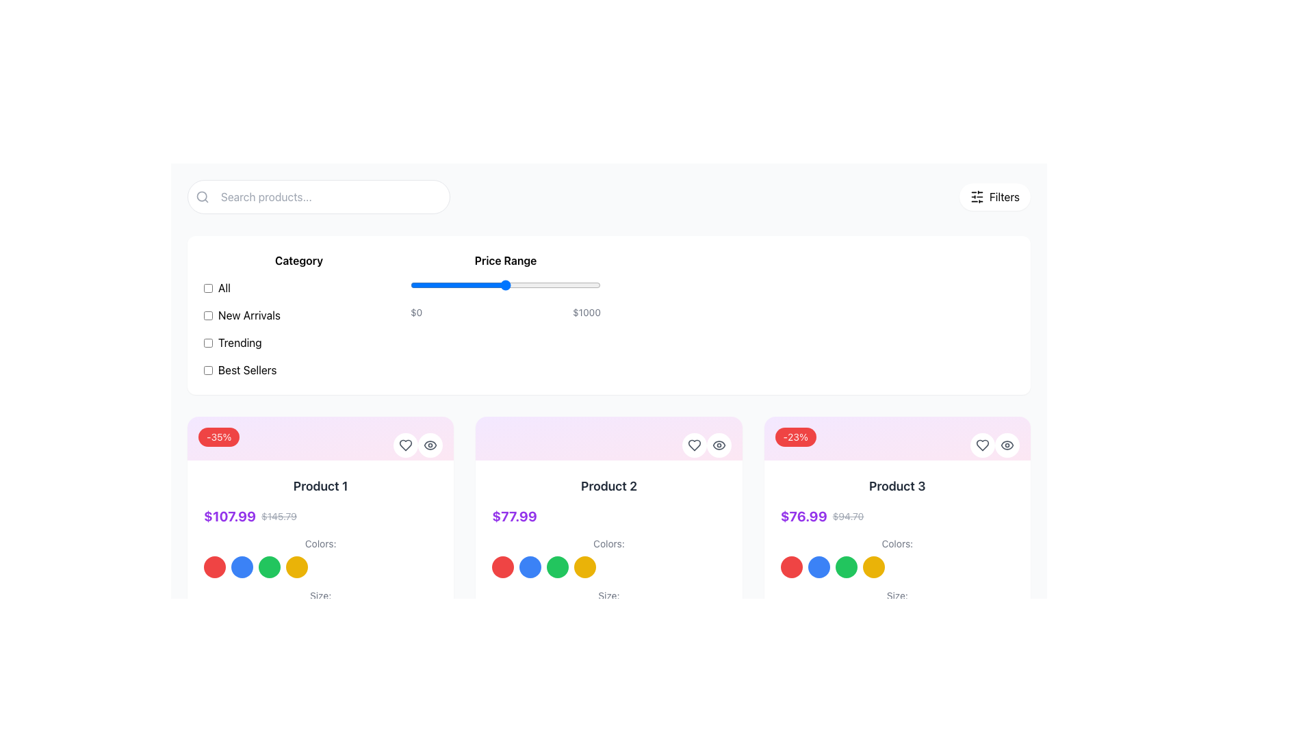  Describe the element at coordinates (319, 567) in the screenshot. I see `the color selection component located below the title 'Colors:'` at that location.